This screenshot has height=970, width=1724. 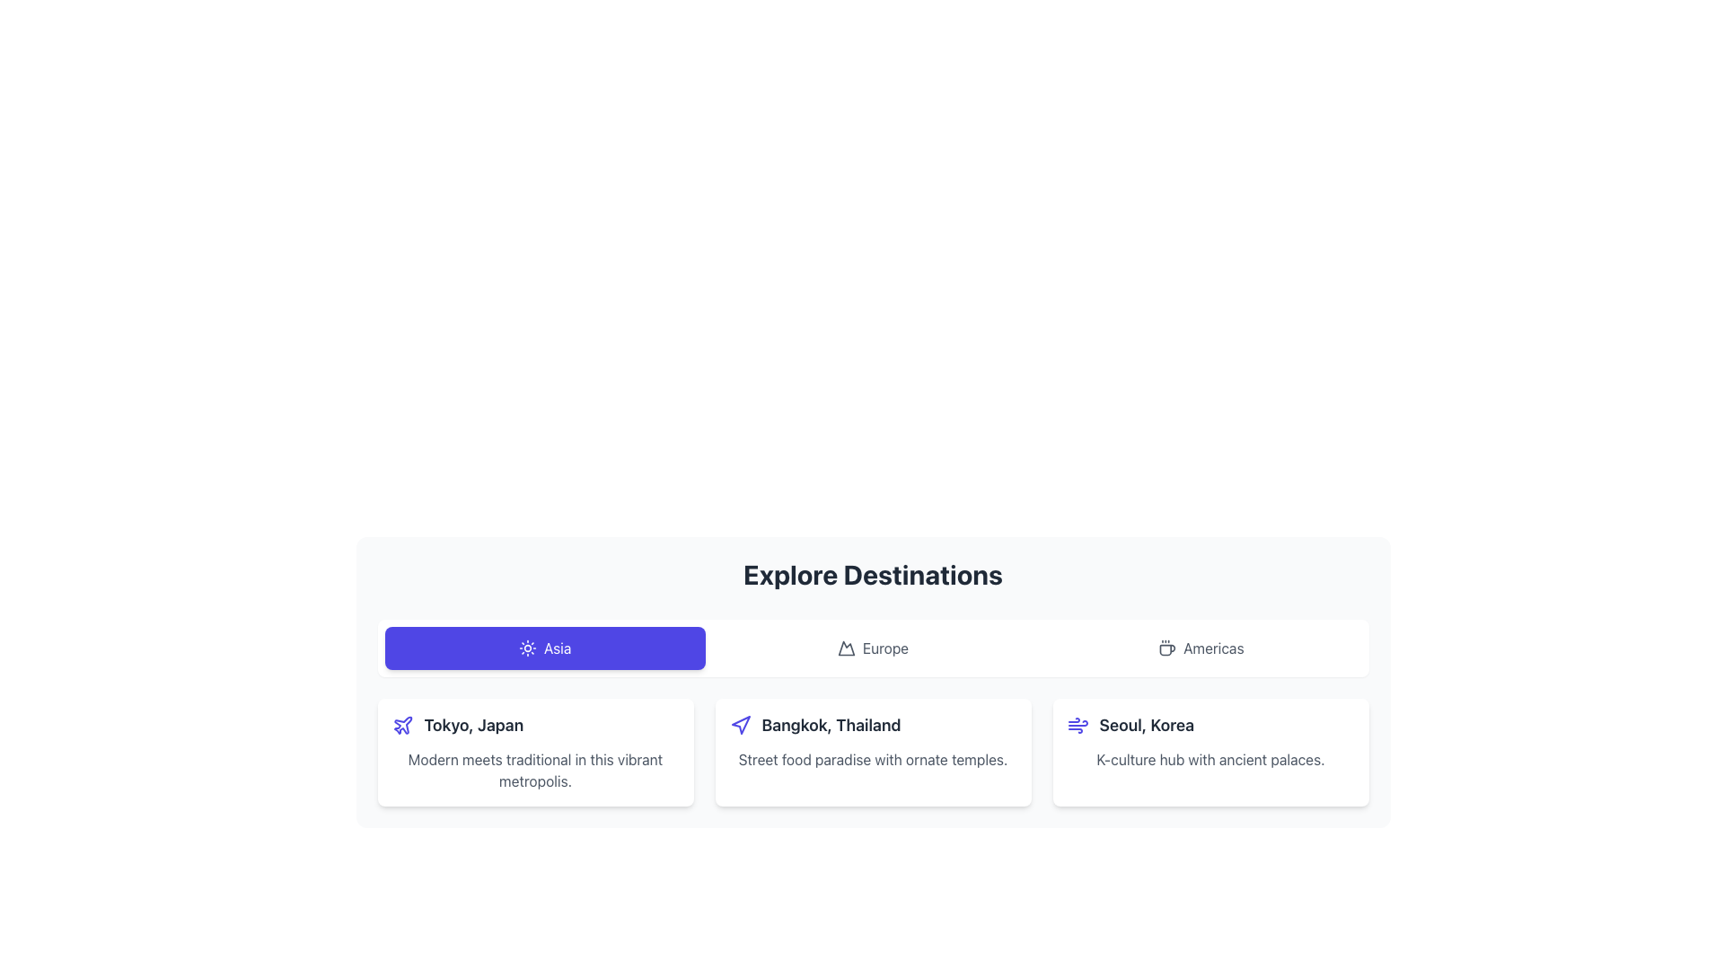 What do you see at coordinates (845, 648) in the screenshot?
I see `the mountain icon located in the 'Europe' section of the UI` at bounding box center [845, 648].